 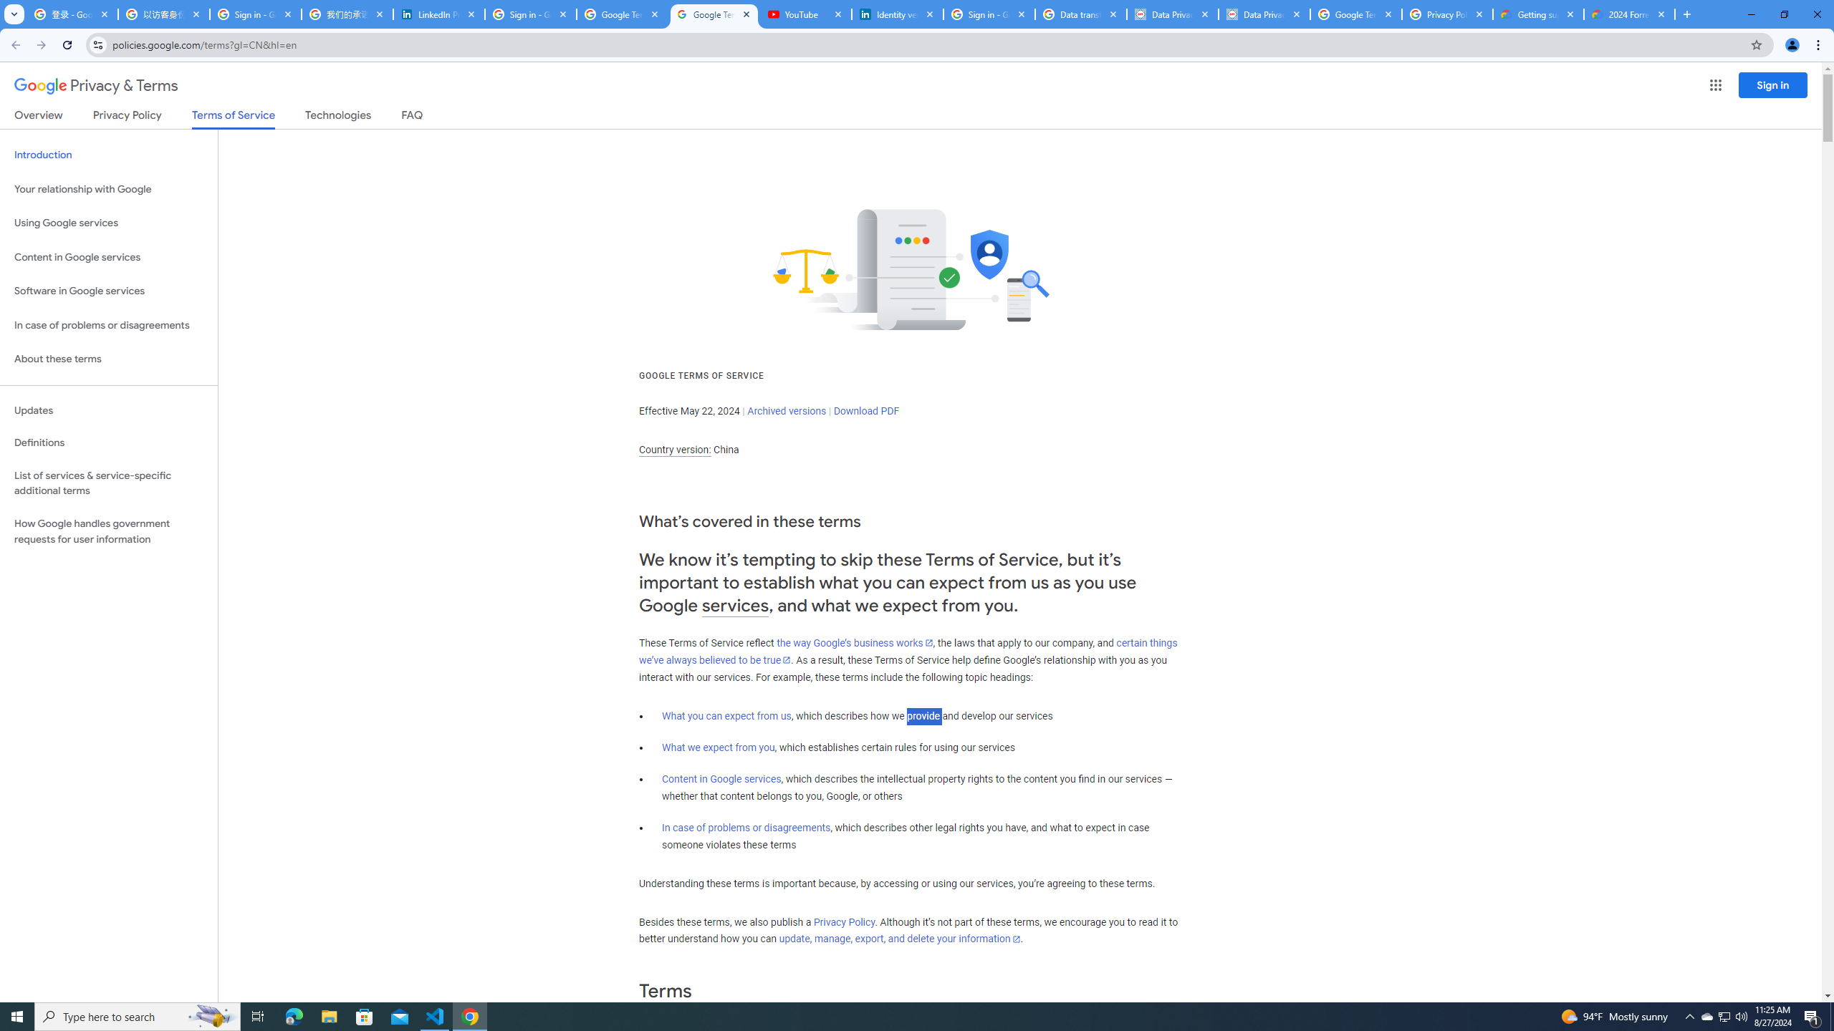 I want to click on 'update, manage, export, and delete your information', so click(x=899, y=938).